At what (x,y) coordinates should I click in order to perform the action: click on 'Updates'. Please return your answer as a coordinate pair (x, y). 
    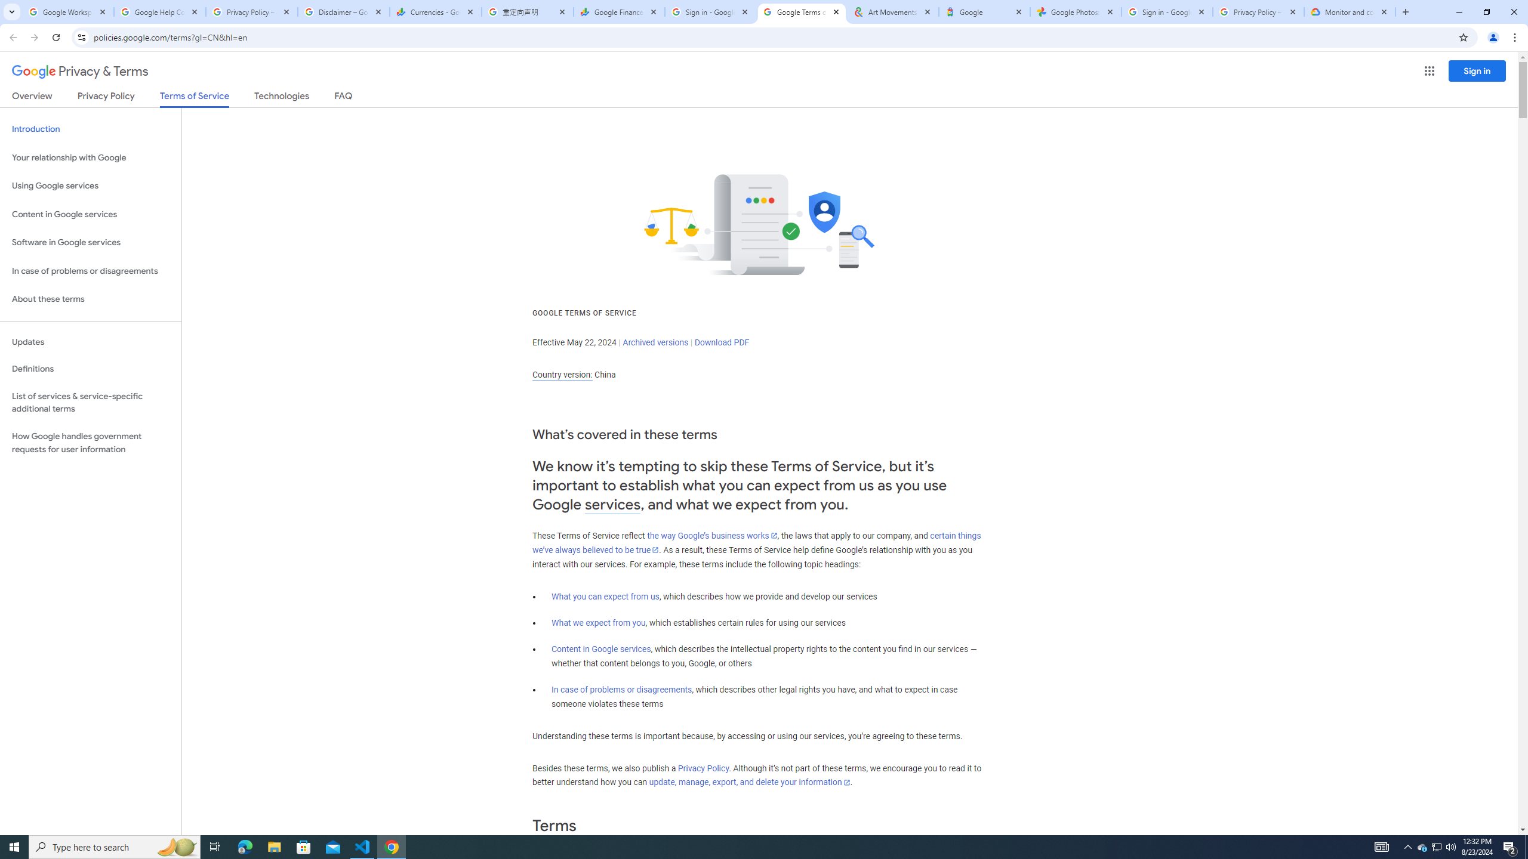
    Looking at the image, I should click on (90, 341).